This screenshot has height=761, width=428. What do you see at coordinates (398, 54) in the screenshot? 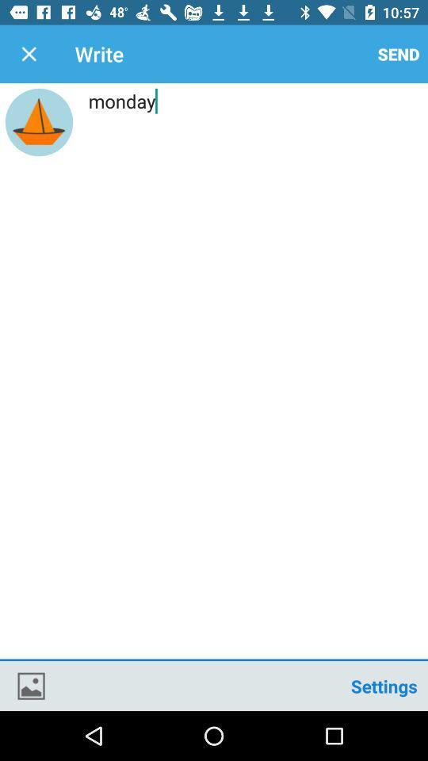
I see `send` at bounding box center [398, 54].